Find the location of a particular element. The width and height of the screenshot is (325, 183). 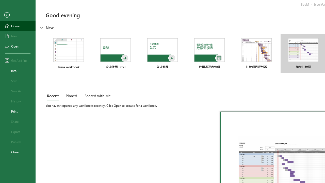

'Share' is located at coordinates (18, 121).